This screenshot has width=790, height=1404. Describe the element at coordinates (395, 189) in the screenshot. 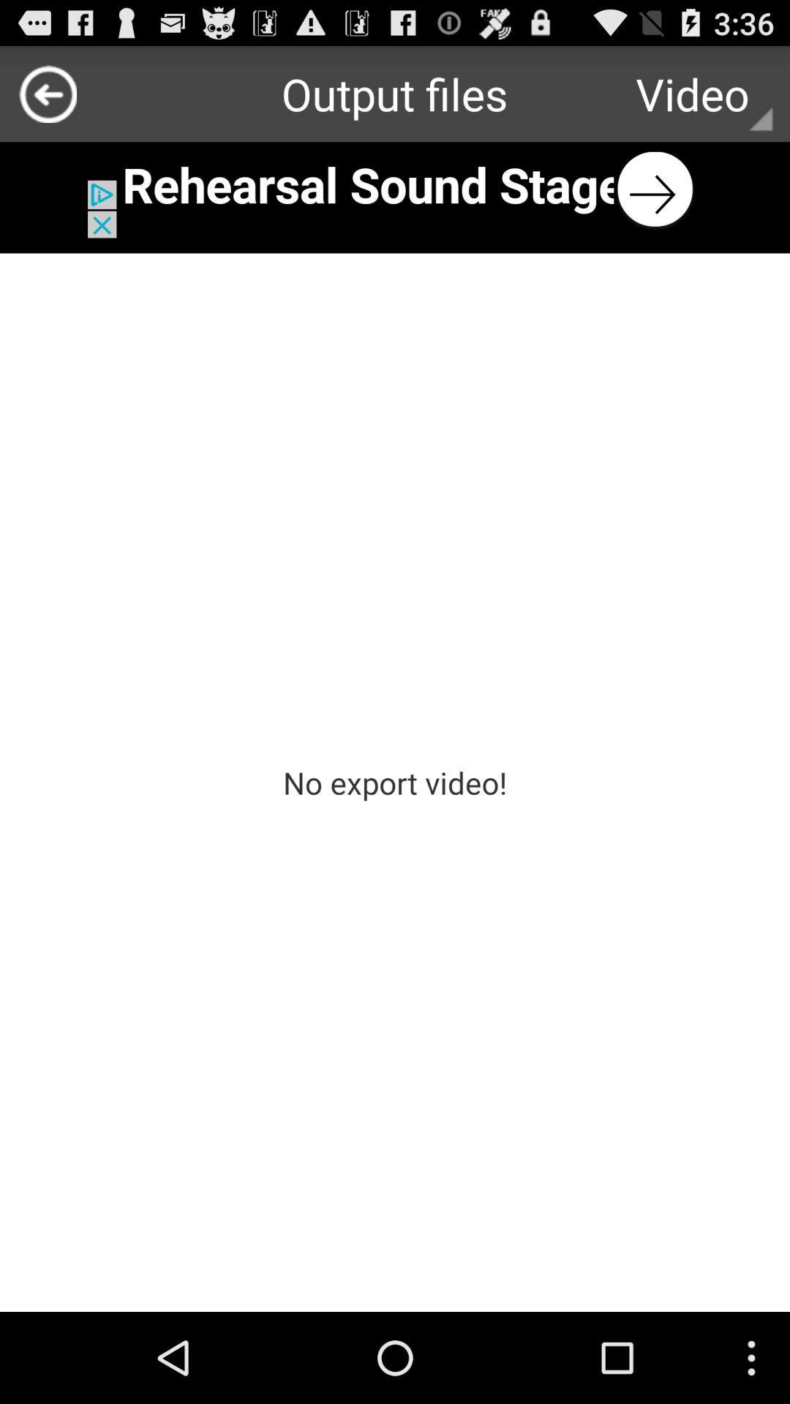

I see `title for the page` at that location.